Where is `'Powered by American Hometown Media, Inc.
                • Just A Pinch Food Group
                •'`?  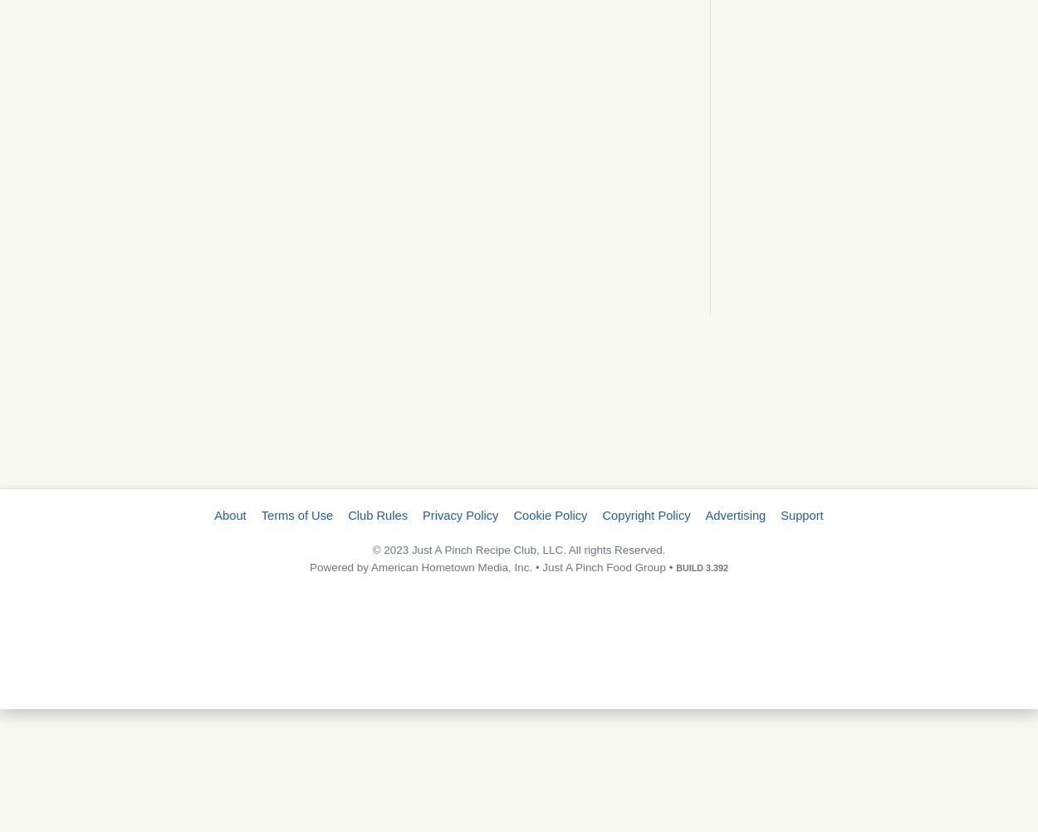 'Powered by American Hometown Media, Inc.
                • Just A Pinch Food Group
                •' is located at coordinates (492, 566).